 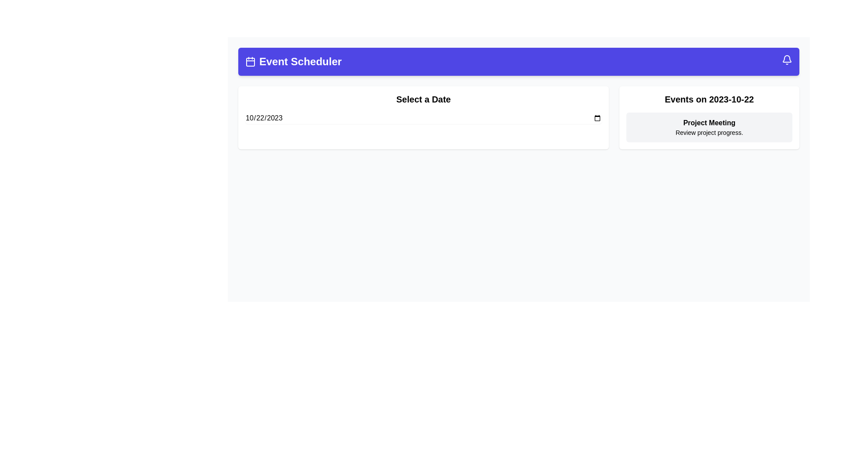 I want to click on the text header displaying 'Select a Date', which is a bold and prominent title styled with a large font size, located at the top-center of the main interface above a date input field, so click(x=423, y=99).